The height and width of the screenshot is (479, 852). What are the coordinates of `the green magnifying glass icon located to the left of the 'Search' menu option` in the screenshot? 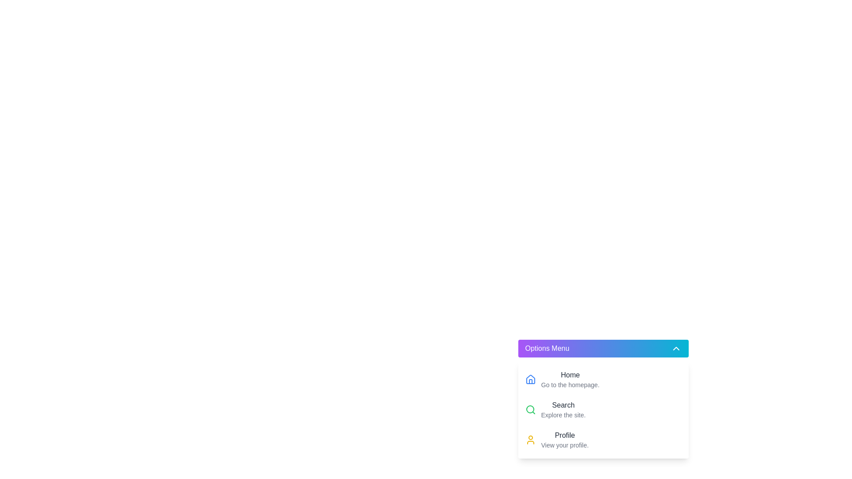 It's located at (530, 410).